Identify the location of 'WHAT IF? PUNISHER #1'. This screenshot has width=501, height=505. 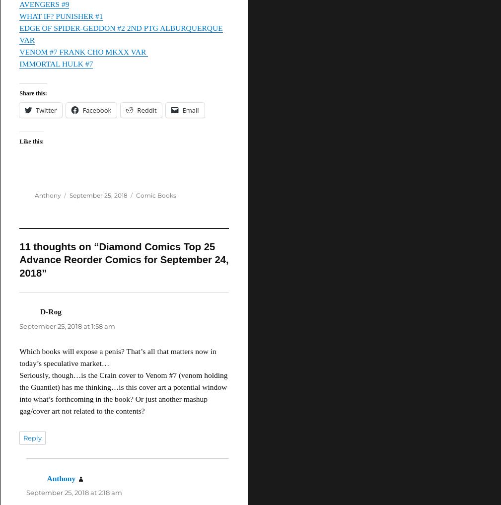
(60, 15).